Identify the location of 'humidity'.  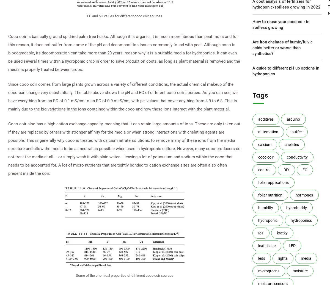
(258, 207).